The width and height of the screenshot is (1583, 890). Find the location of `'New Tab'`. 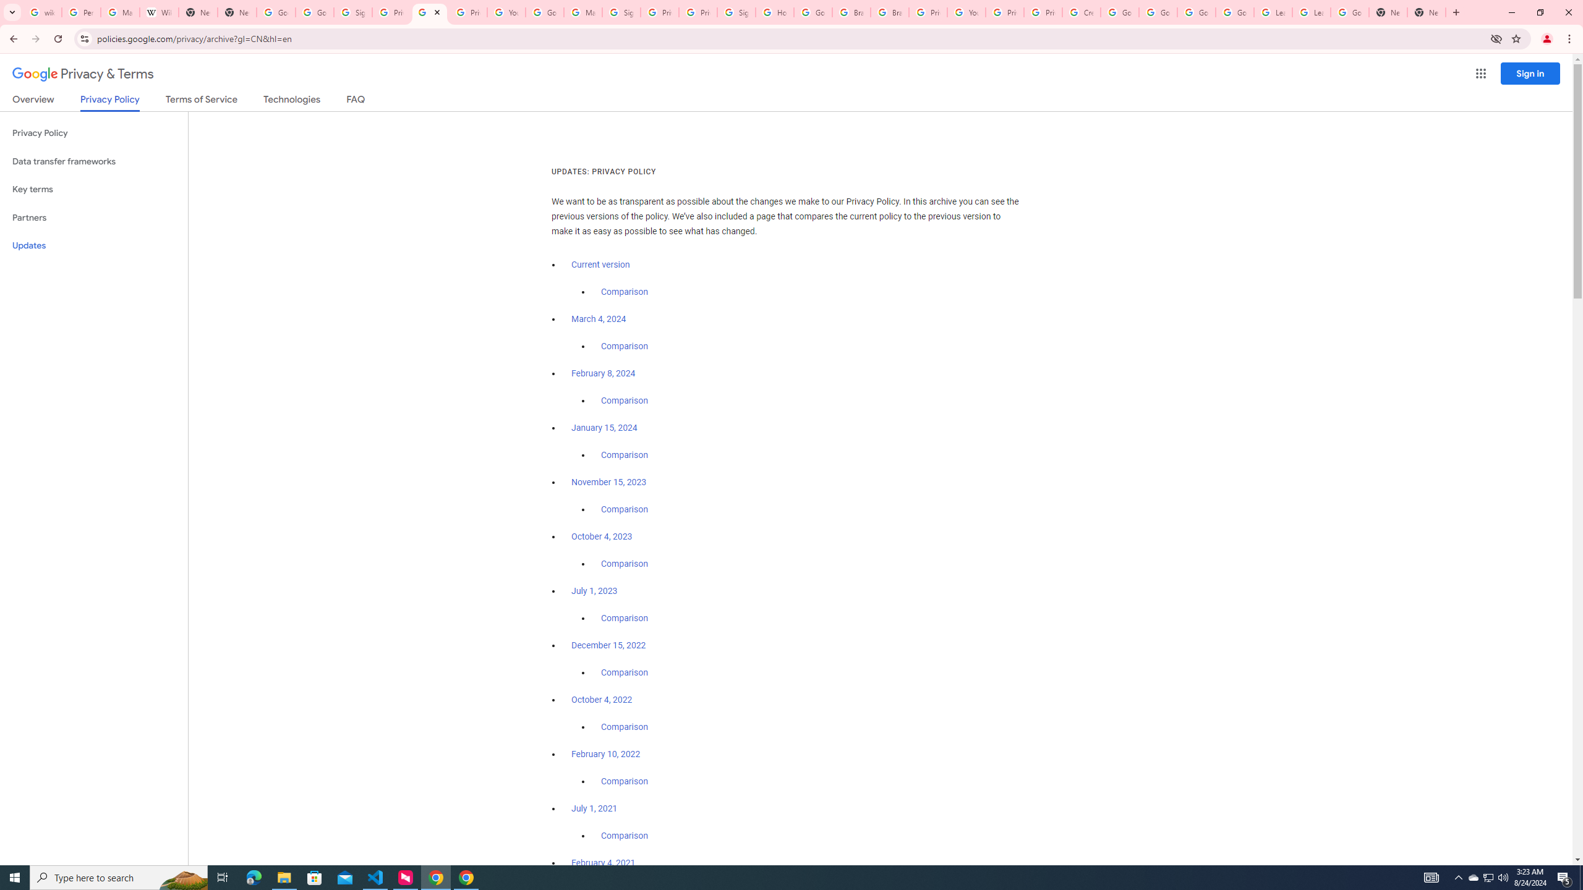

'New Tab' is located at coordinates (1388, 12).